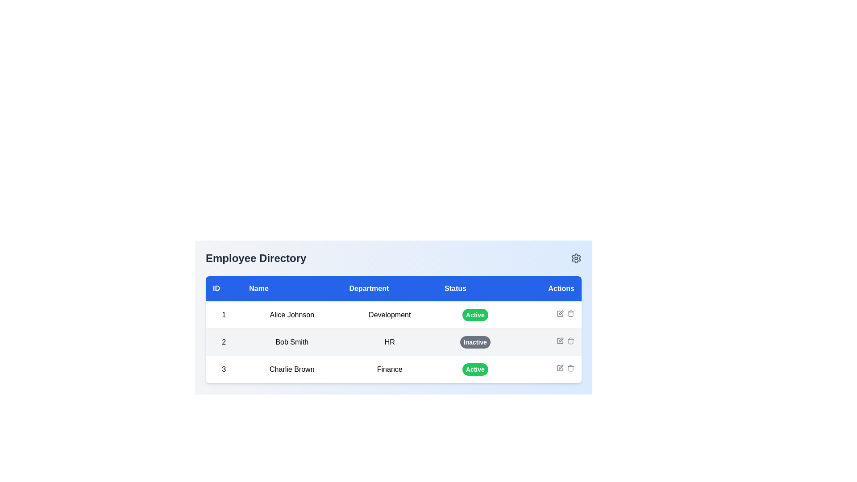 Image resolution: width=857 pixels, height=482 pixels. Describe the element at coordinates (292, 369) in the screenshot. I see `the text label displaying 'Charlie Brown' in the third row under the 'Name' column of the table` at that location.